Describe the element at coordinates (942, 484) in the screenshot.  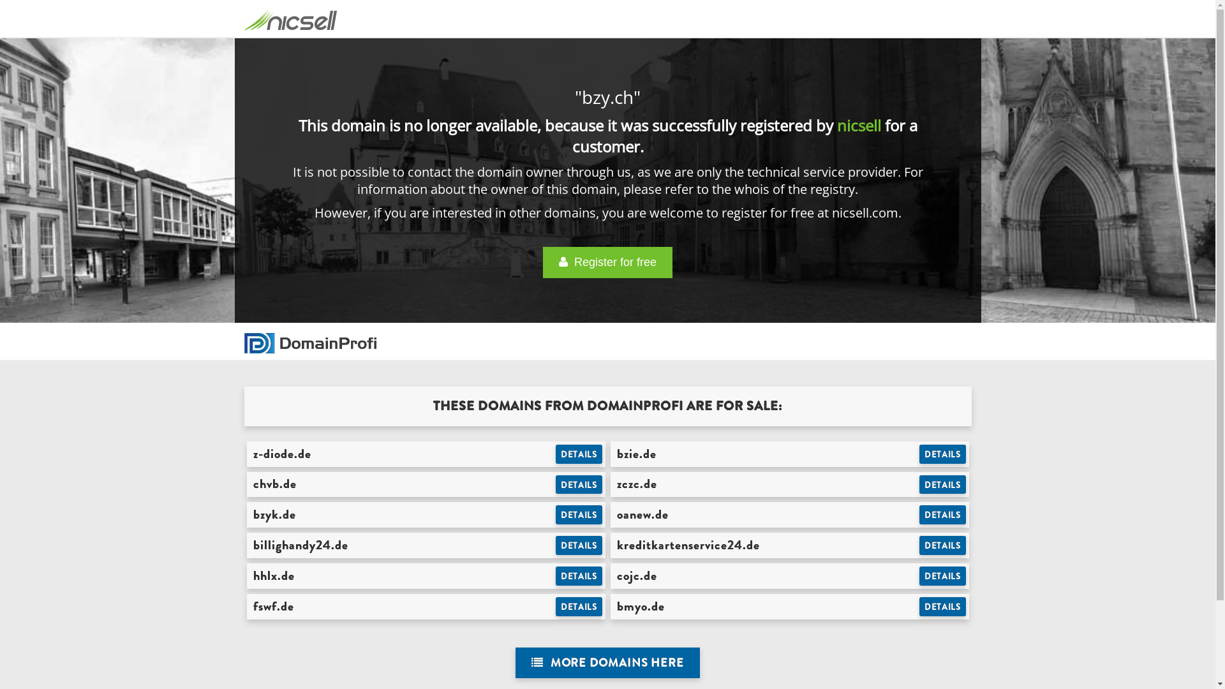
I see `'DETAILS'` at that location.